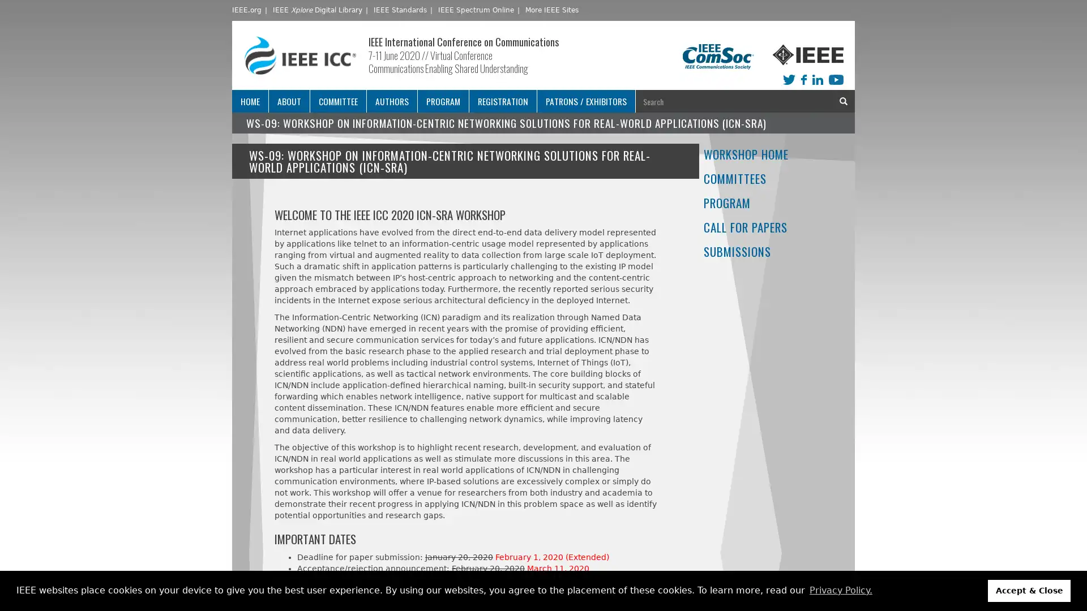 The image size is (1087, 611). What do you see at coordinates (840, 590) in the screenshot?
I see `learn more about cookies` at bounding box center [840, 590].